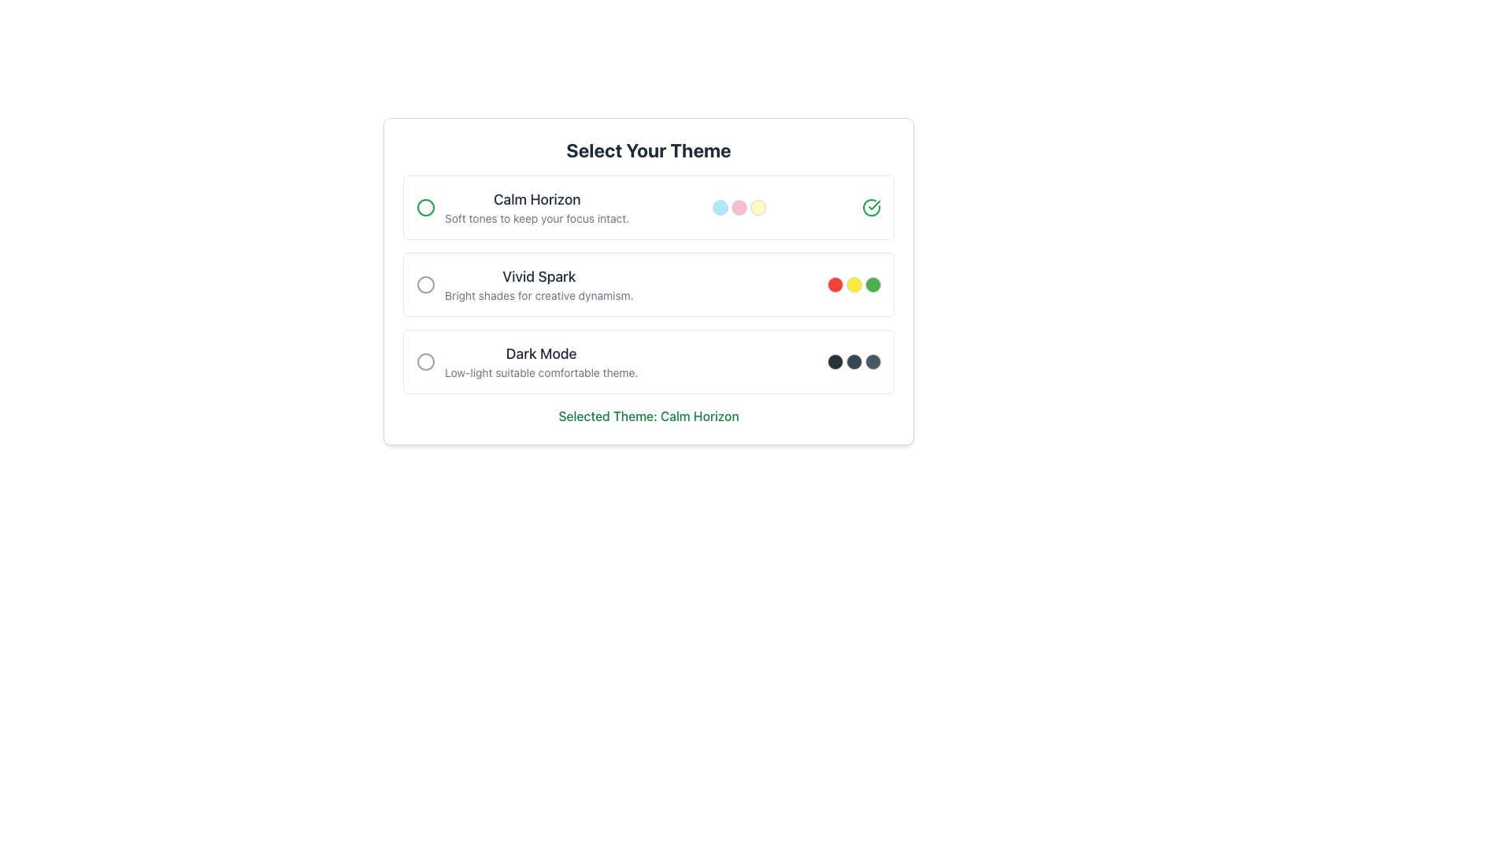  I want to click on the leftmost circular indicator representing the 'Vivid Spark' theme option, so click(834, 285).